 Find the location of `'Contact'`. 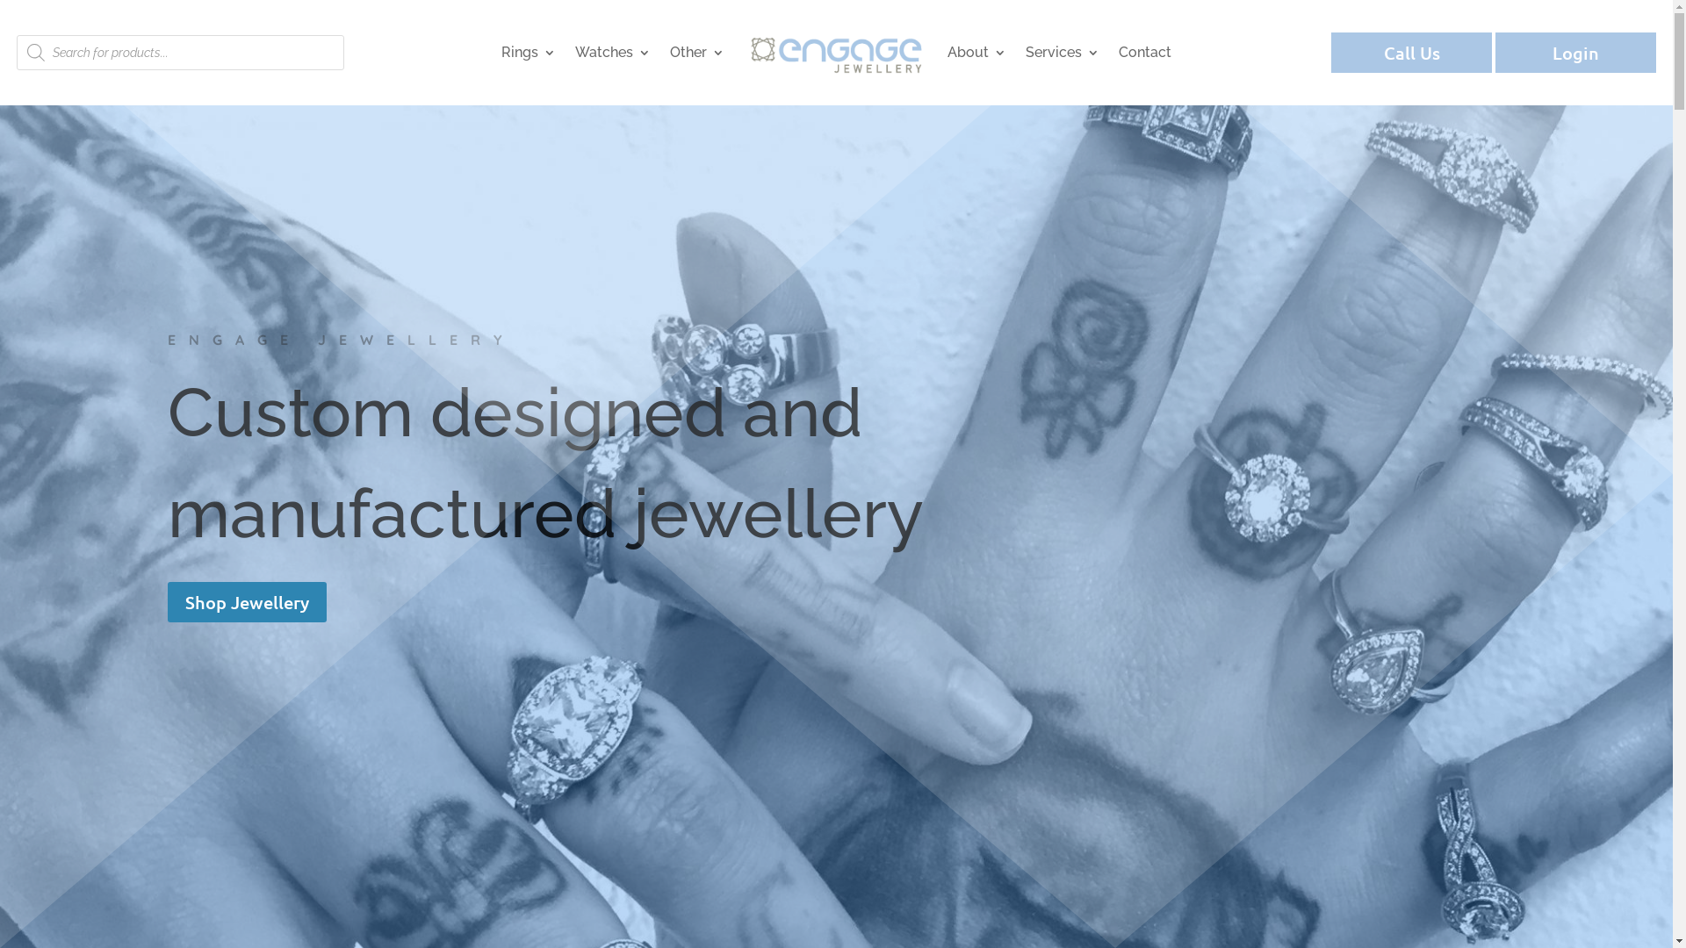

'Contact' is located at coordinates (1145, 52).